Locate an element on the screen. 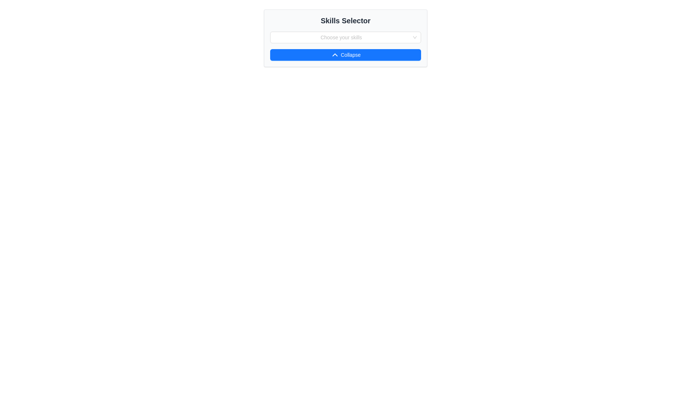  the multi-select dropdown input labeled 'Choose your skills' is located at coordinates (345, 37).